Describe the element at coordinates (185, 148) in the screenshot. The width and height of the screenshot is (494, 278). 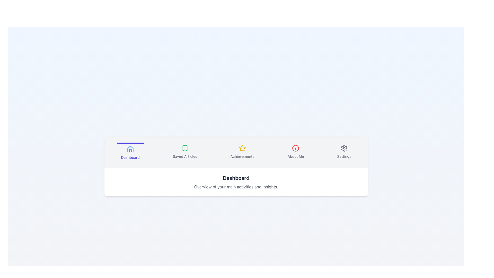
I see `the bookmark icon, which is a green stroke icon located within the 'Saved Articles' button in the navigation bar, second from the left` at that location.